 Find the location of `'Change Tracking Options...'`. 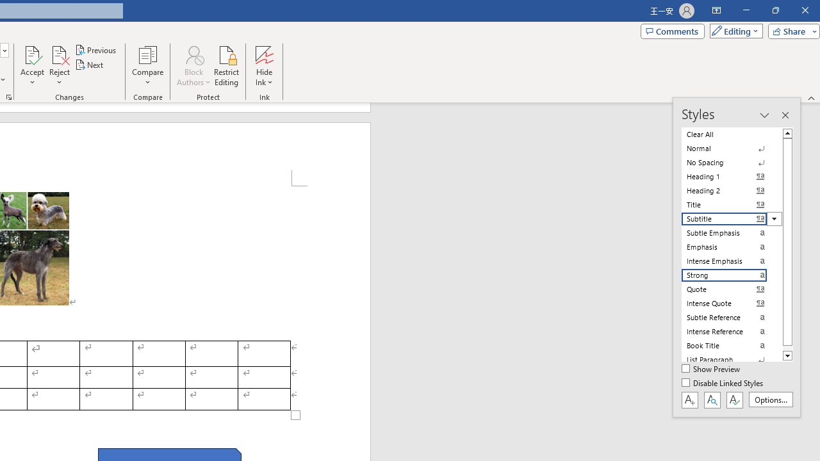

'Change Tracking Options...' is located at coordinates (9, 96).